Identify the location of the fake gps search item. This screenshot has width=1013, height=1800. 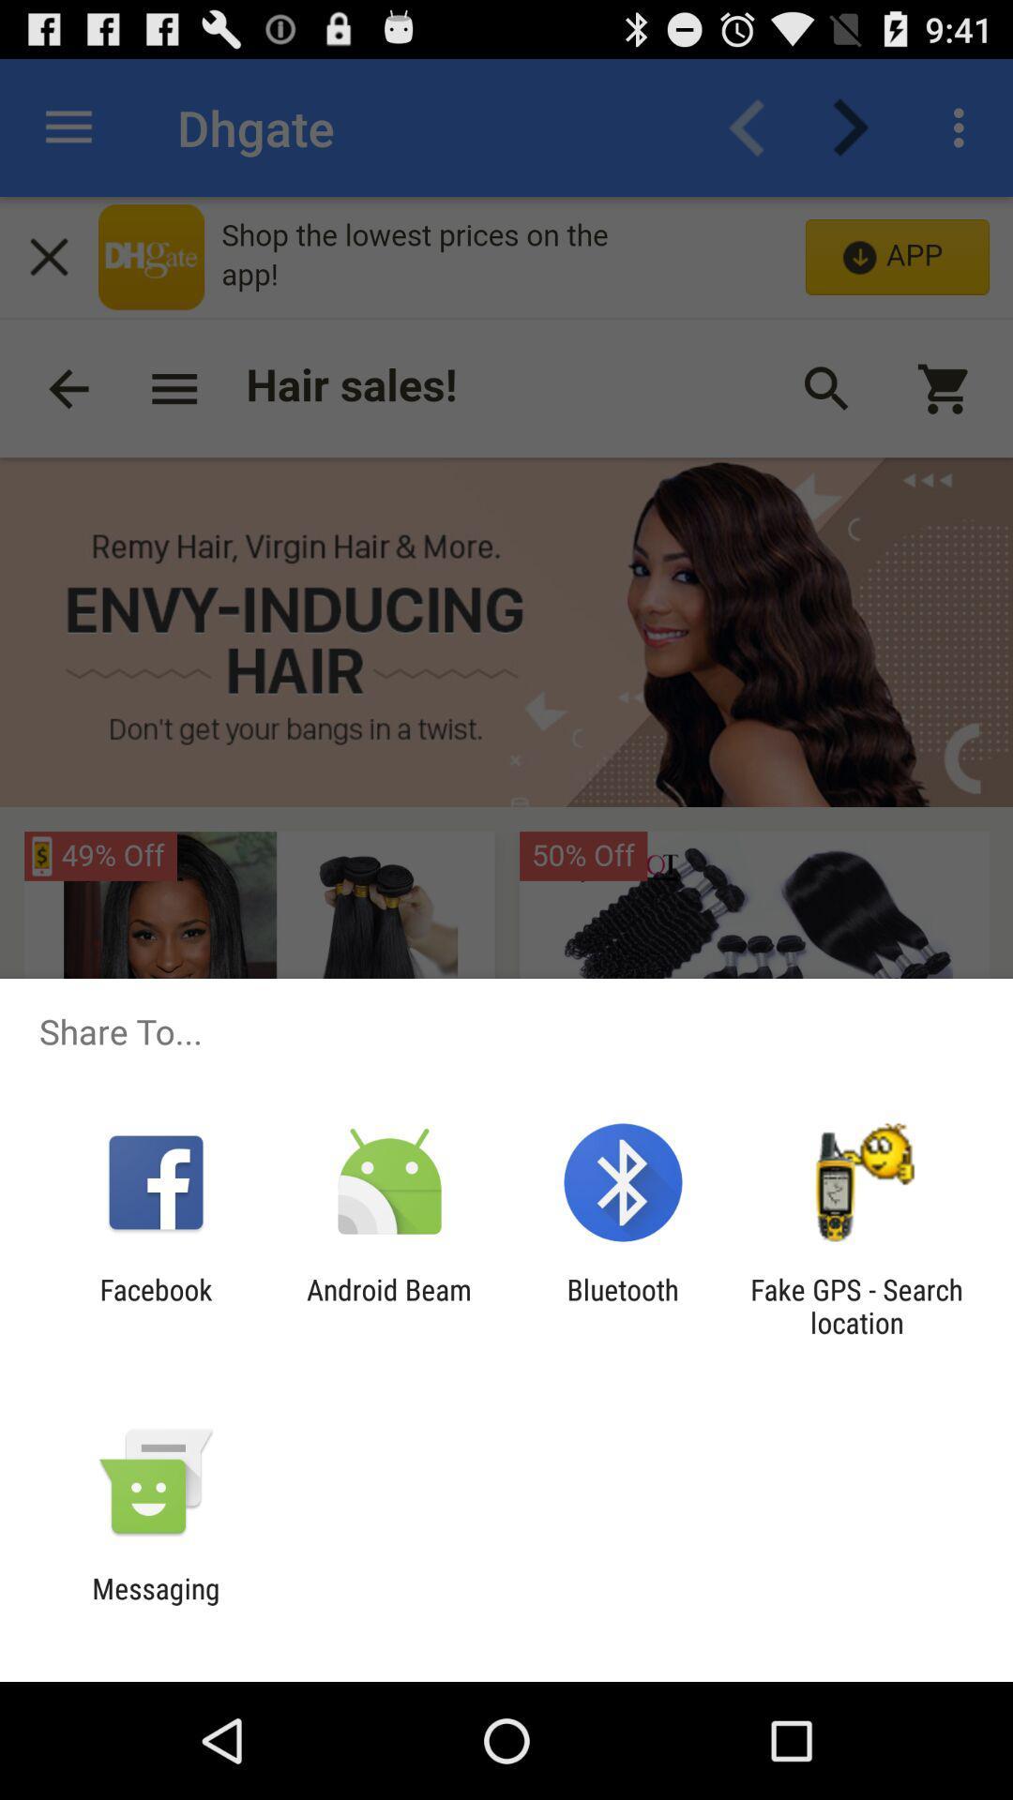
(856, 1305).